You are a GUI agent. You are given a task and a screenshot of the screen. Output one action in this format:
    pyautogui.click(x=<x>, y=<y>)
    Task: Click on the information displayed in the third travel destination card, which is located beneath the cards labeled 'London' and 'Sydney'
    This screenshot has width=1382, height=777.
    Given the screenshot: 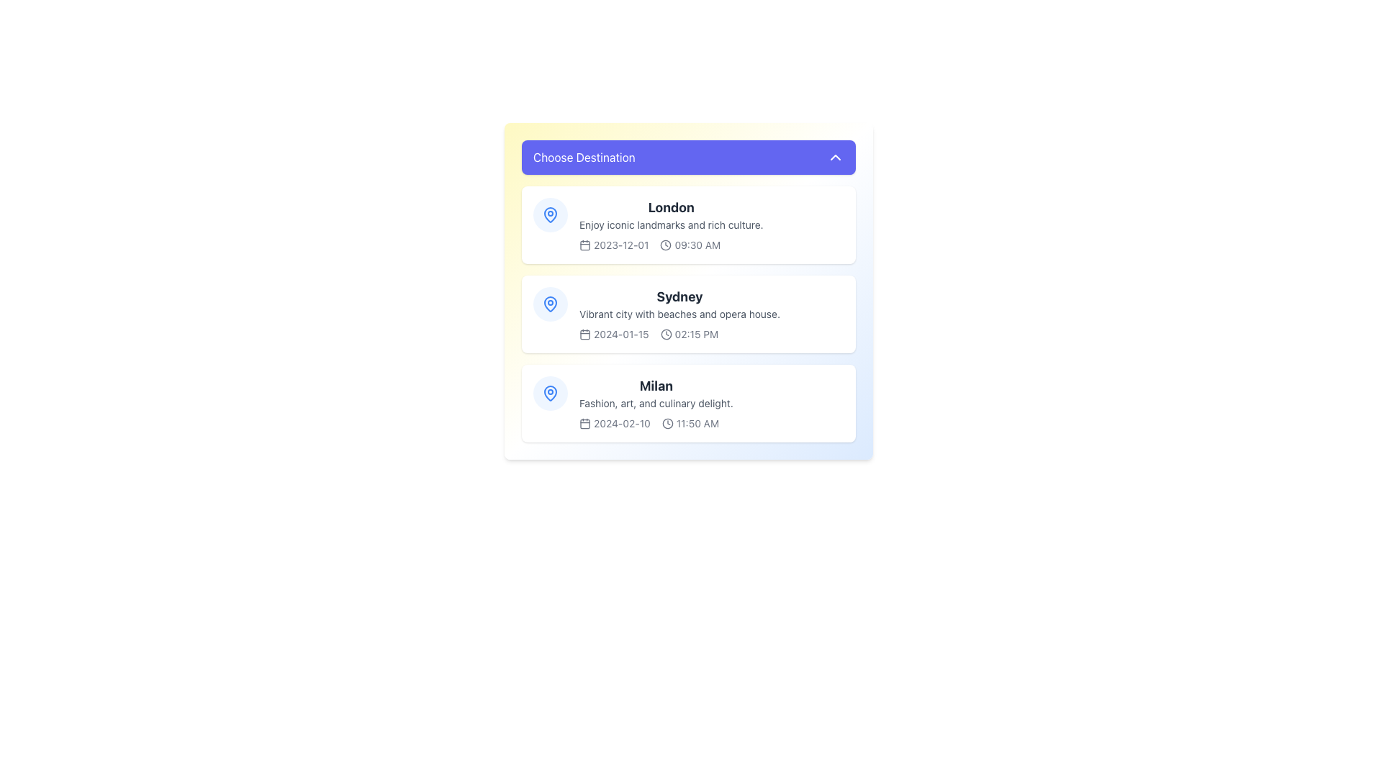 What is the action you would take?
    pyautogui.click(x=656, y=403)
    